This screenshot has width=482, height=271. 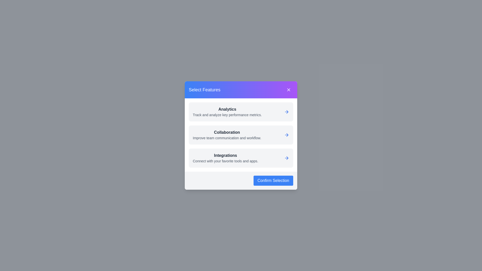 What do you see at coordinates (241, 112) in the screenshot?
I see `the feature card labeled Analytics` at bounding box center [241, 112].